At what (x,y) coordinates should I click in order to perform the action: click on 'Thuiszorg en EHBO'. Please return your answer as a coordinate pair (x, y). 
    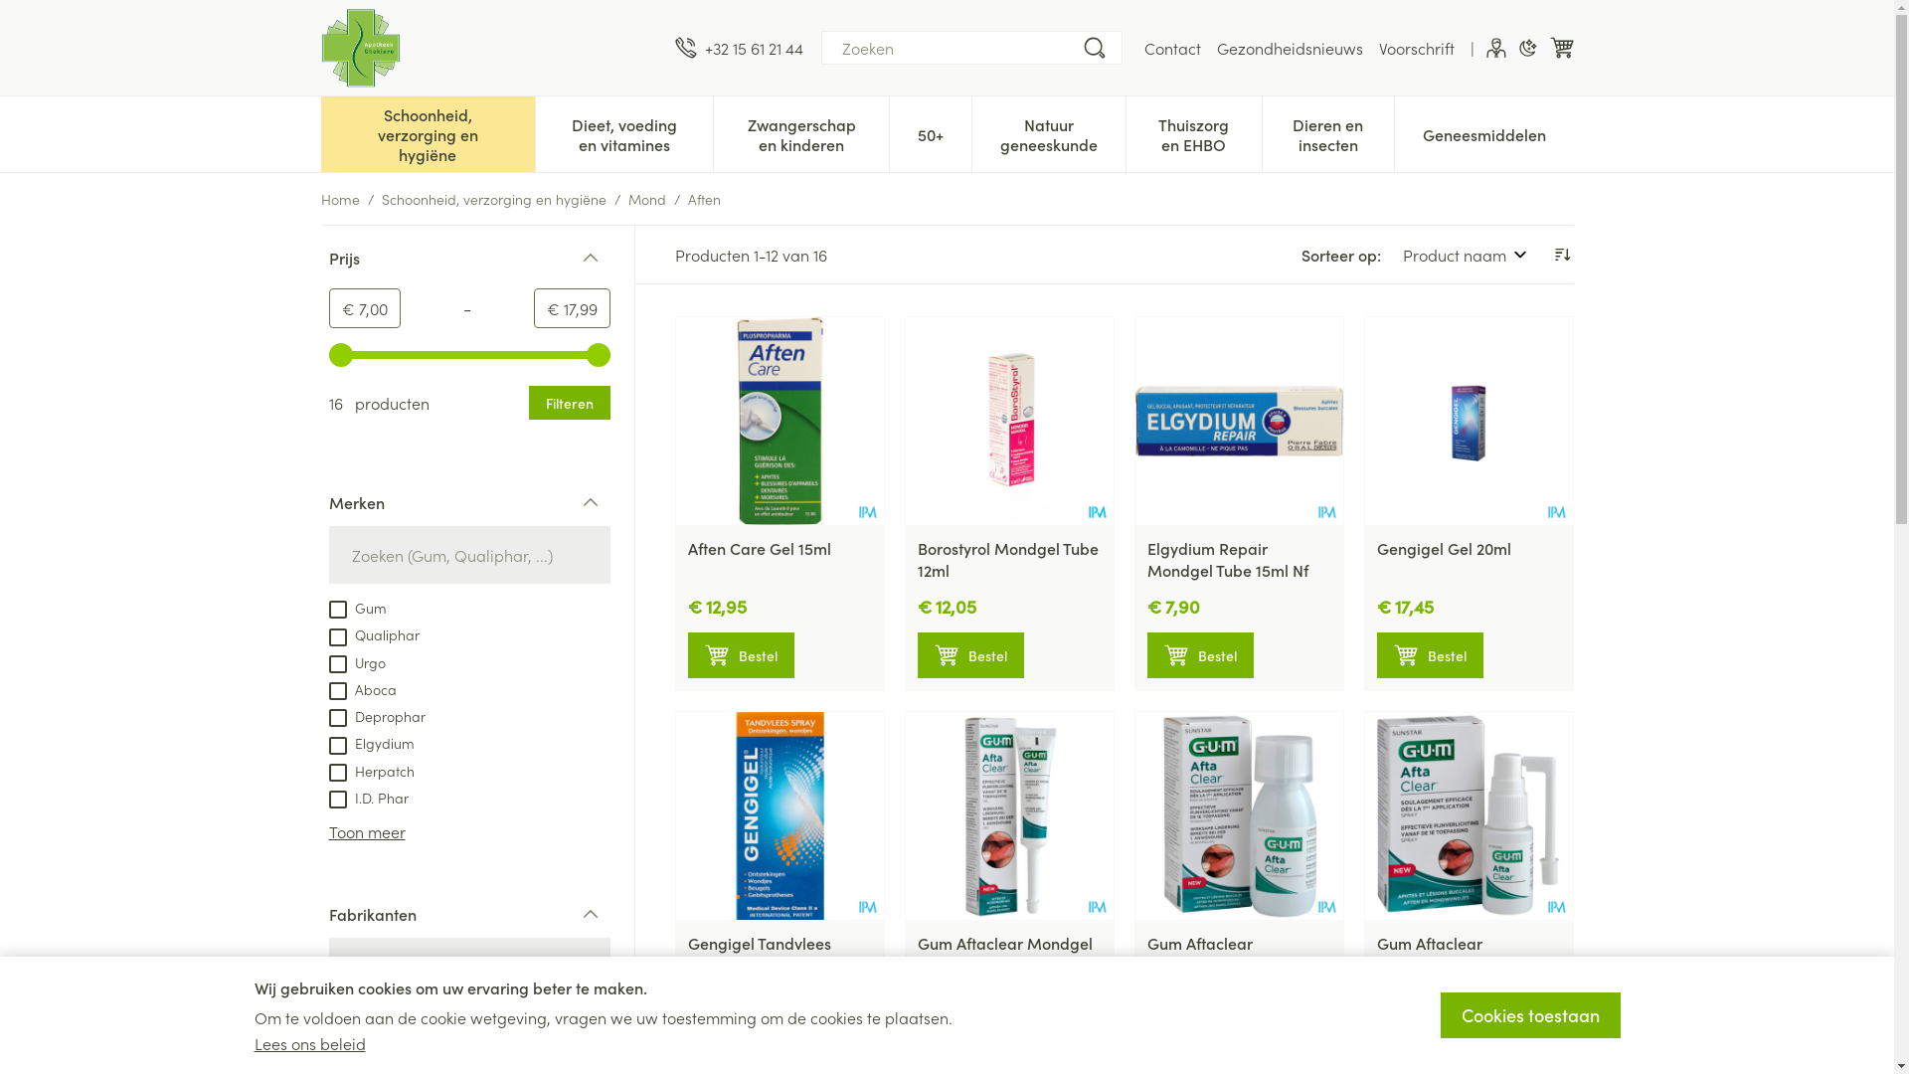
    Looking at the image, I should click on (1193, 131).